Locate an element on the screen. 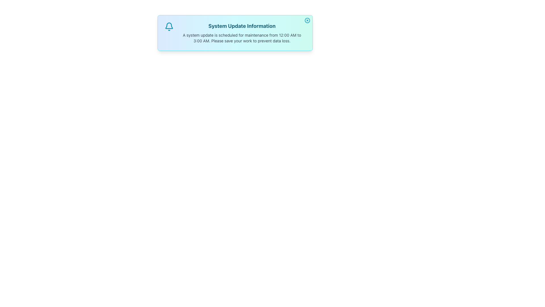  the text label providing information about the scheduled system update, located centrally below the heading 'System Update Information' within a light blue rectangular card is located at coordinates (242, 38).